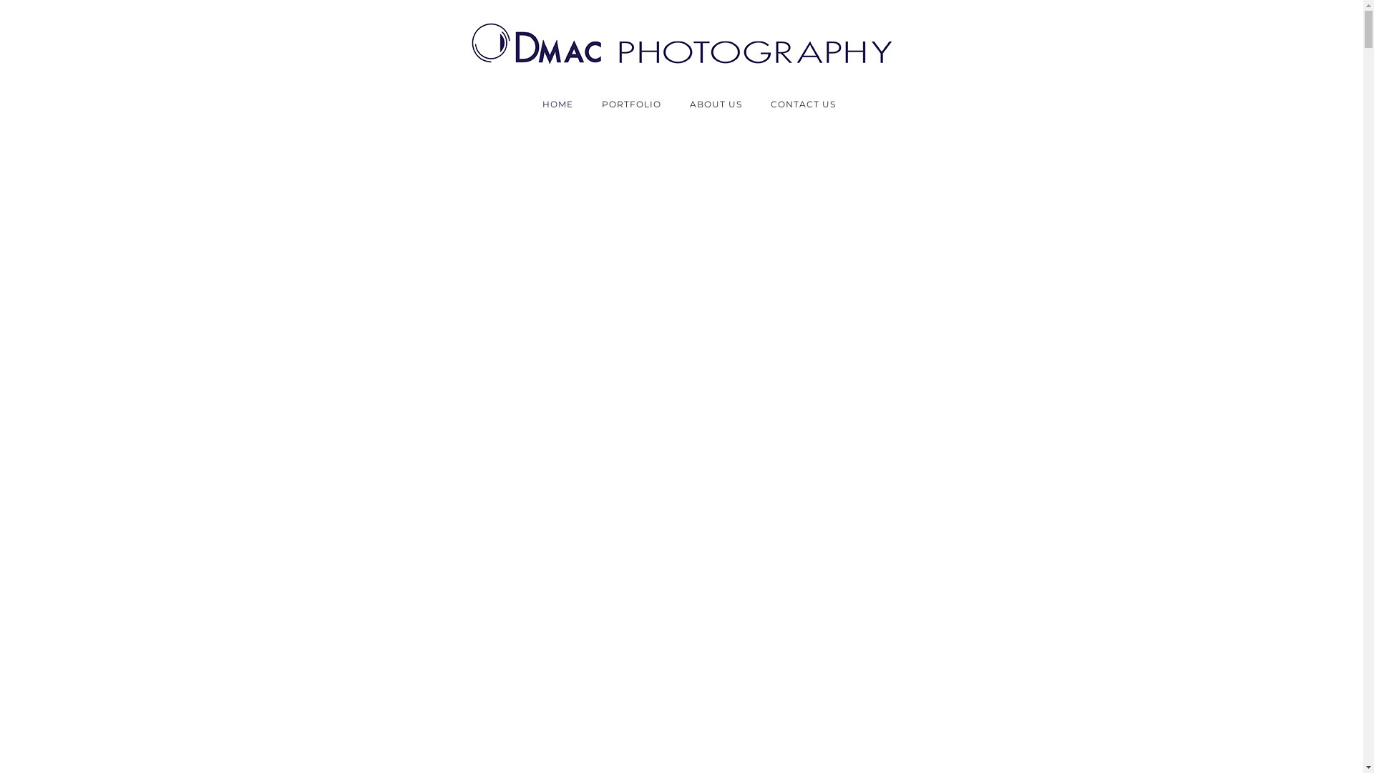  Describe the element at coordinates (794, 103) in the screenshot. I see `'CONTACT US'` at that location.